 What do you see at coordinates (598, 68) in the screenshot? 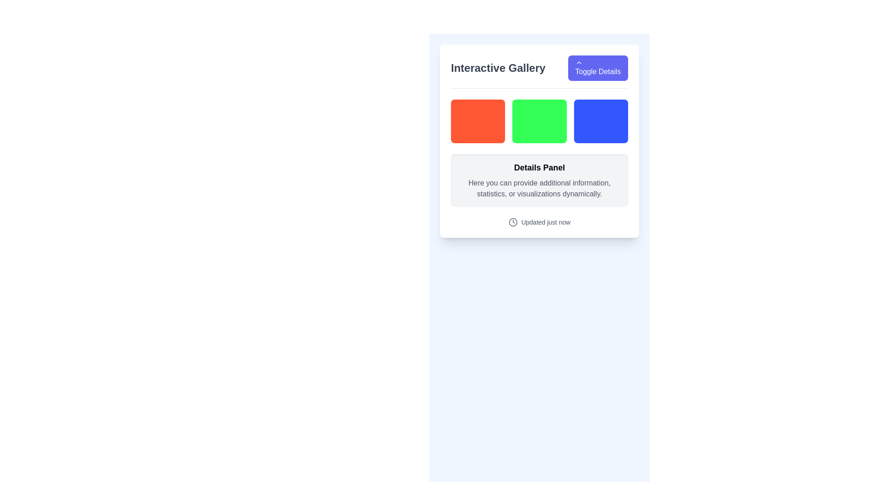
I see `the 'Toggle Details' button, which has a blue background and white text, to observe potential hover effects` at bounding box center [598, 68].